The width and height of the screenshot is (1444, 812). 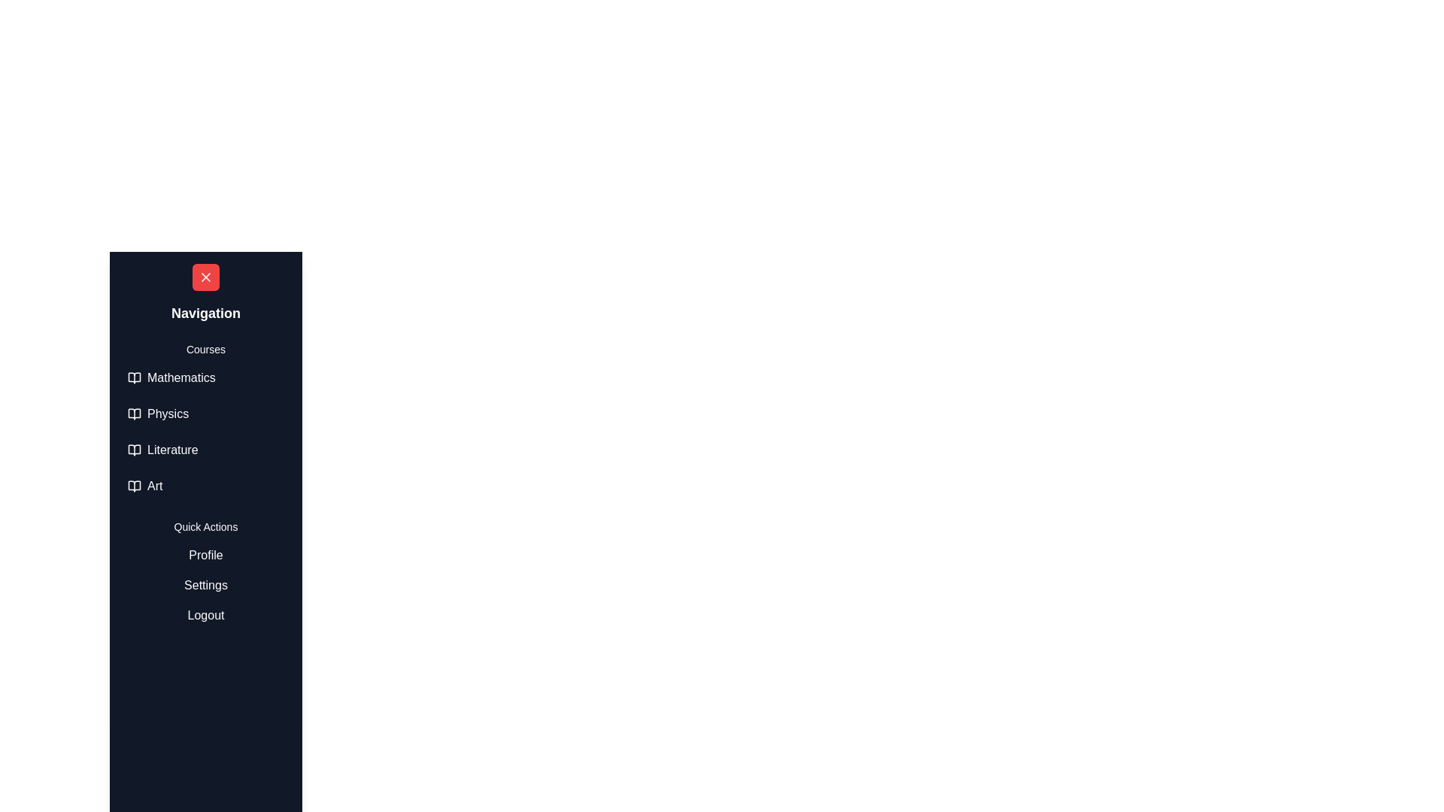 I want to click on the close button located at the top of the sidebar navigation menu, just above the title 'Navigation', so click(x=205, y=277).